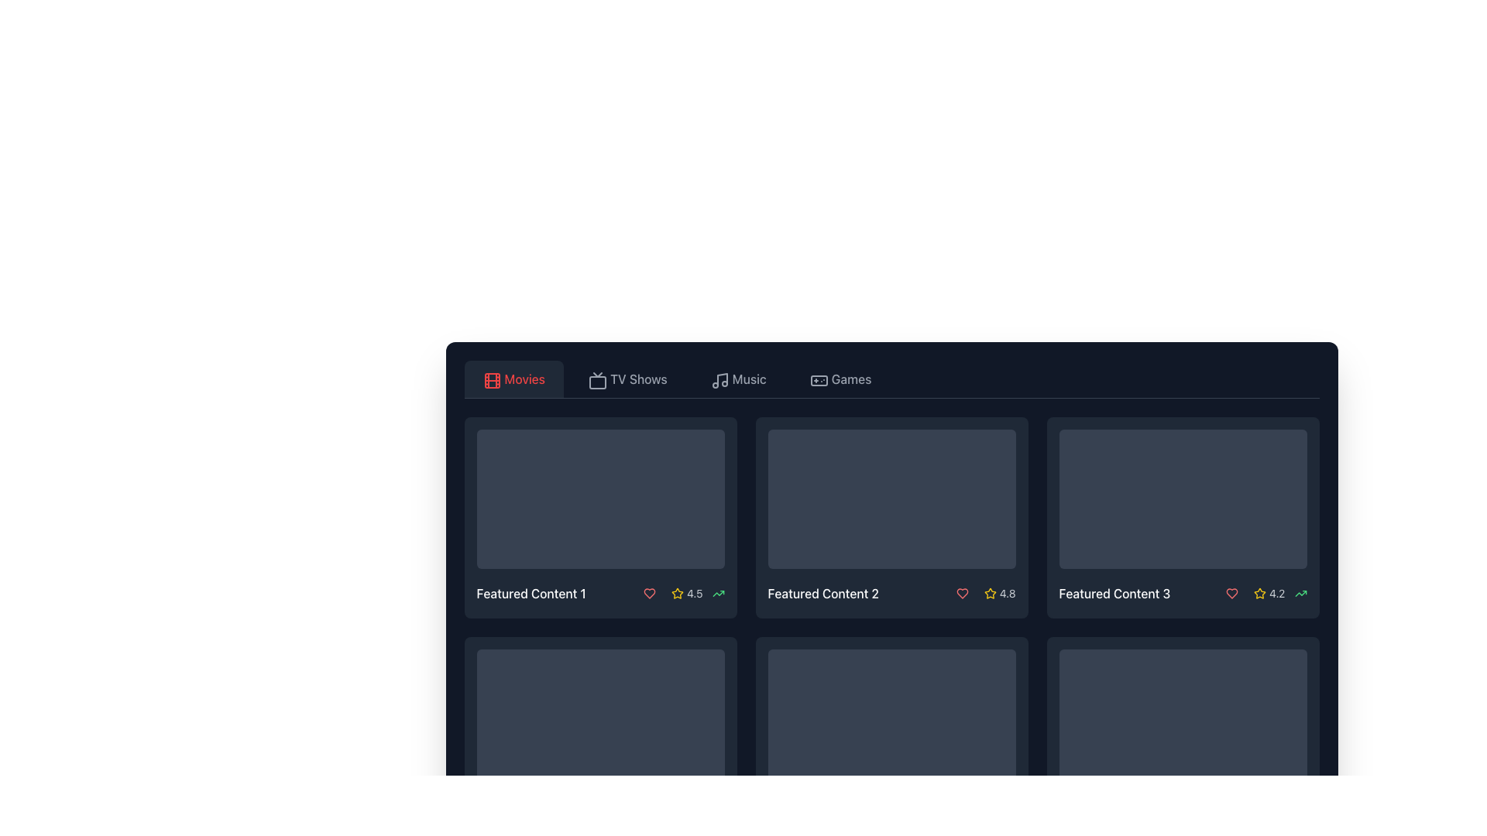 The width and height of the screenshot is (1487, 836). I want to click on the 'Movies' icon in the navigation bar, so click(489, 379).